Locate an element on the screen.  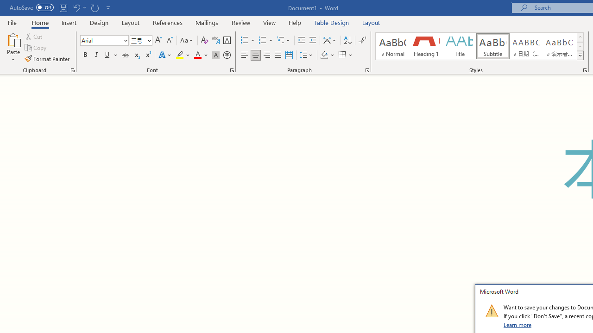
'Save' is located at coordinates (63, 7).